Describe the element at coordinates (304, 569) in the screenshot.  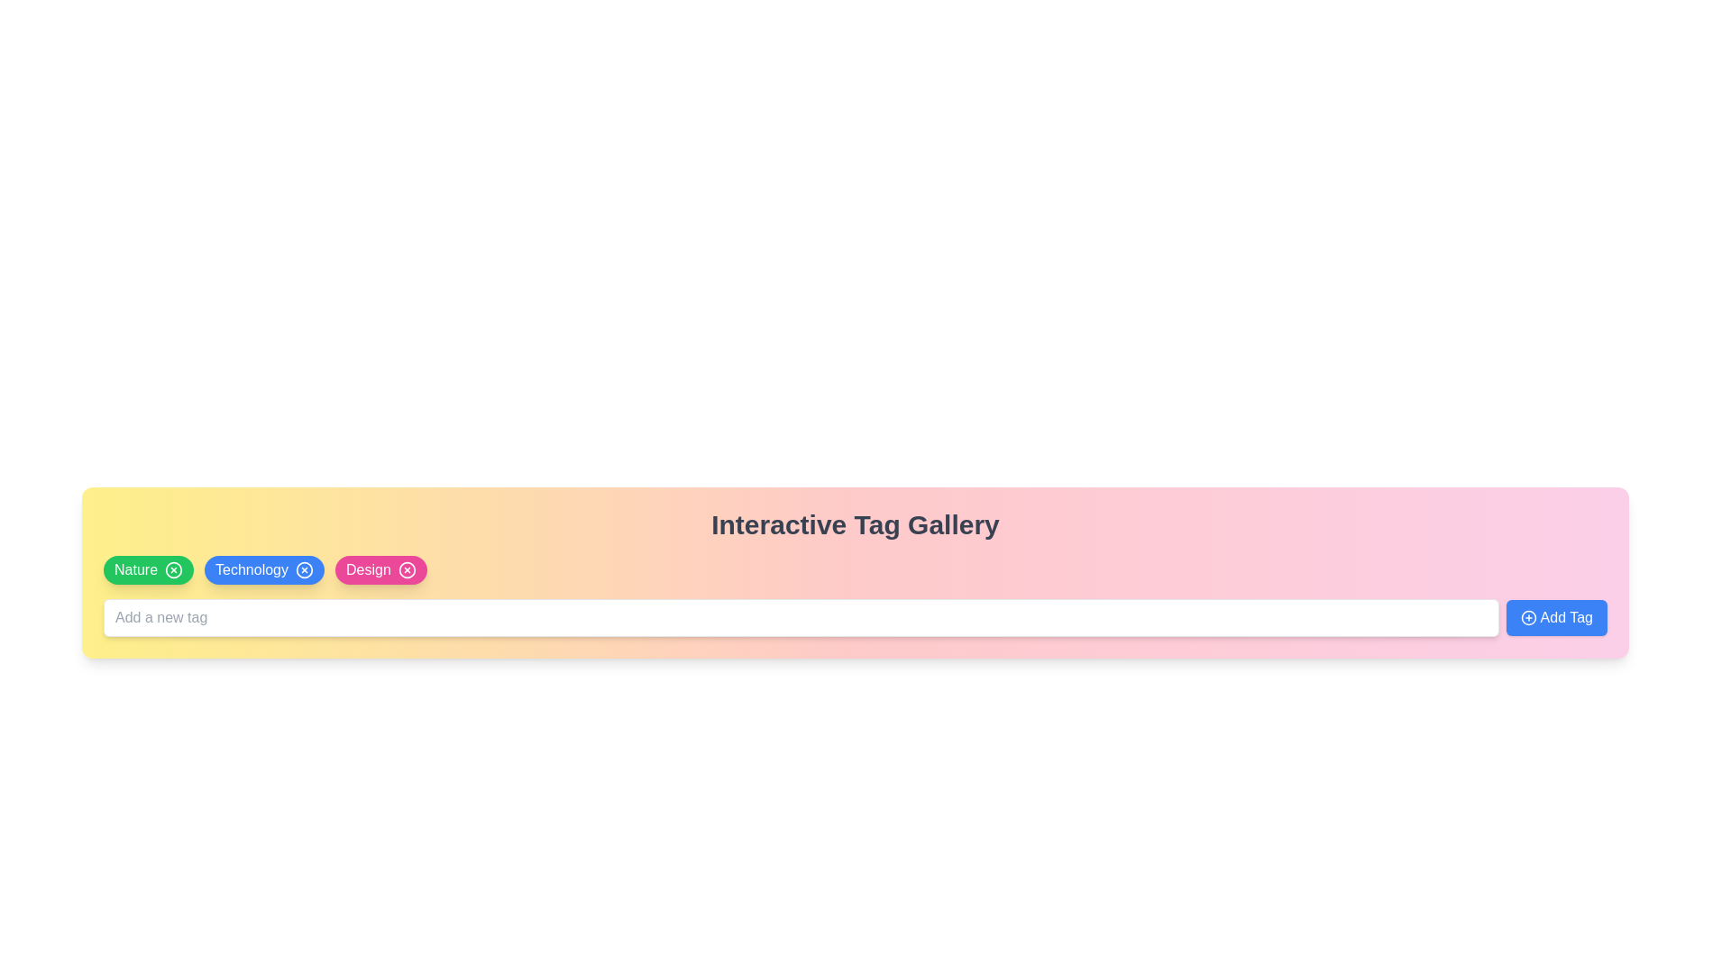
I see `the blue circular icon with a white center and an 'X' inside, located within the 'Technology' tag button` at that location.